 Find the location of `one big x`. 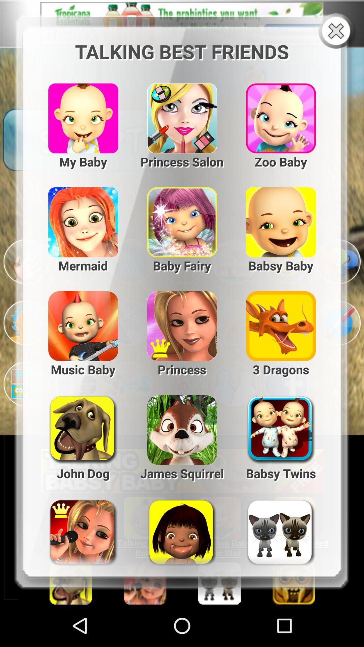

one big x is located at coordinates (337, 31).